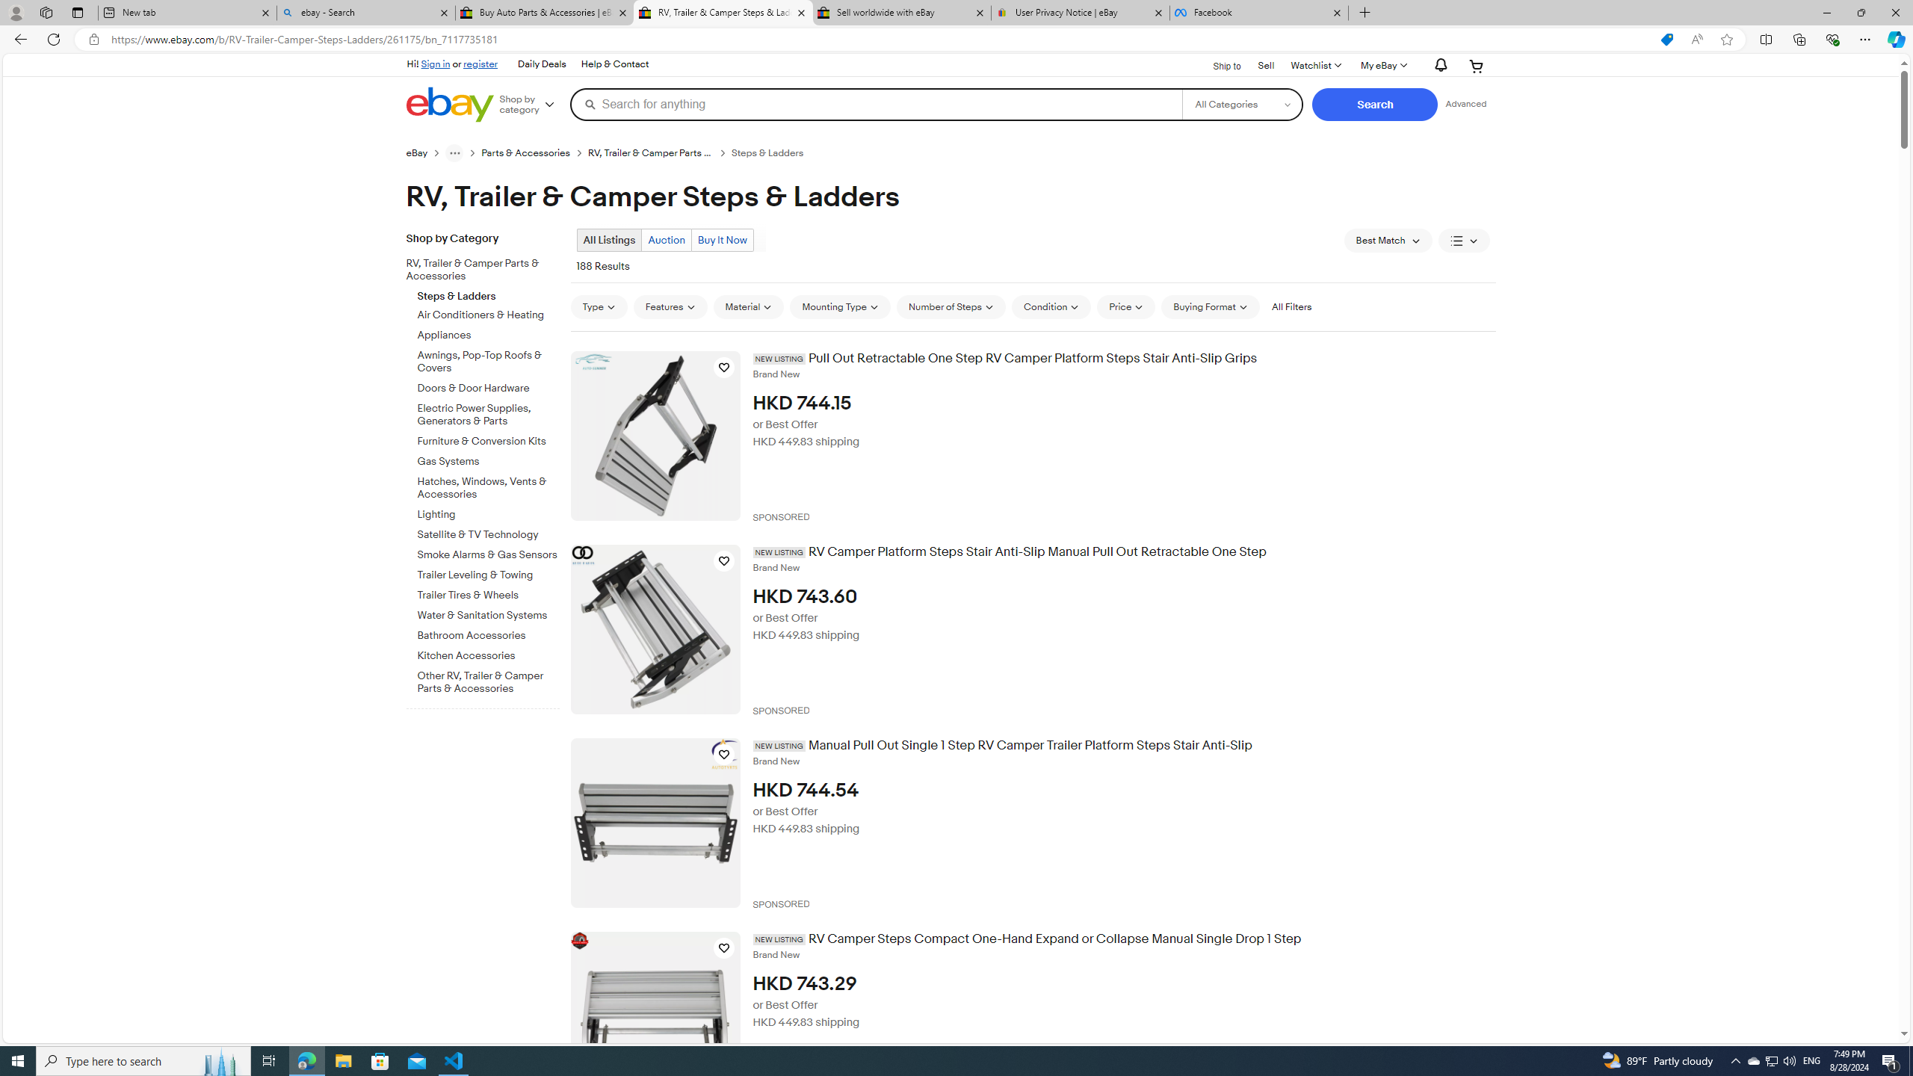 This screenshot has height=1076, width=1913. What do you see at coordinates (609, 240) in the screenshot?
I see `'All Listings'` at bounding box center [609, 240].